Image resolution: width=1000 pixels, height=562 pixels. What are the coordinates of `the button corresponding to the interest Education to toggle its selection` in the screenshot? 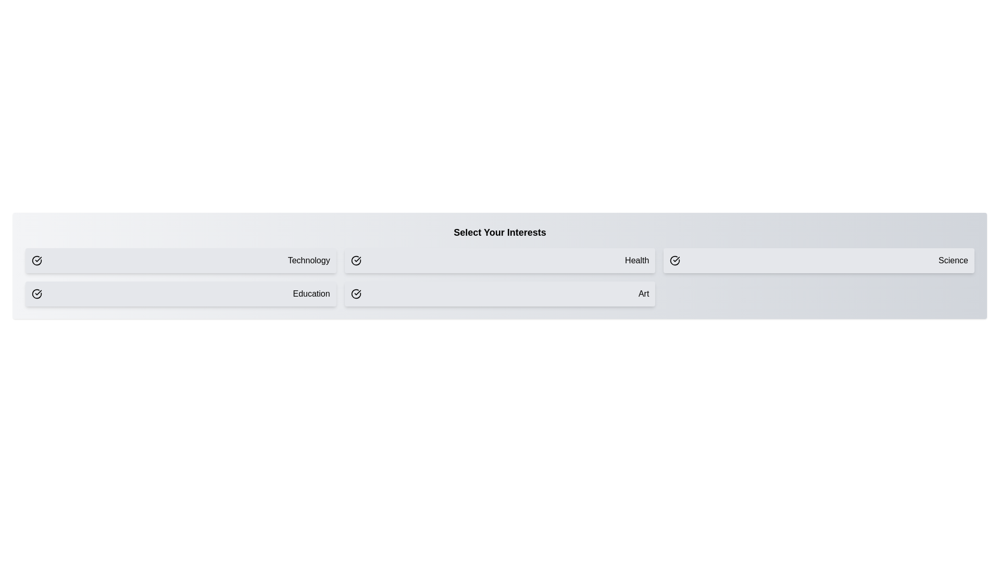 It's located at (180, 293).